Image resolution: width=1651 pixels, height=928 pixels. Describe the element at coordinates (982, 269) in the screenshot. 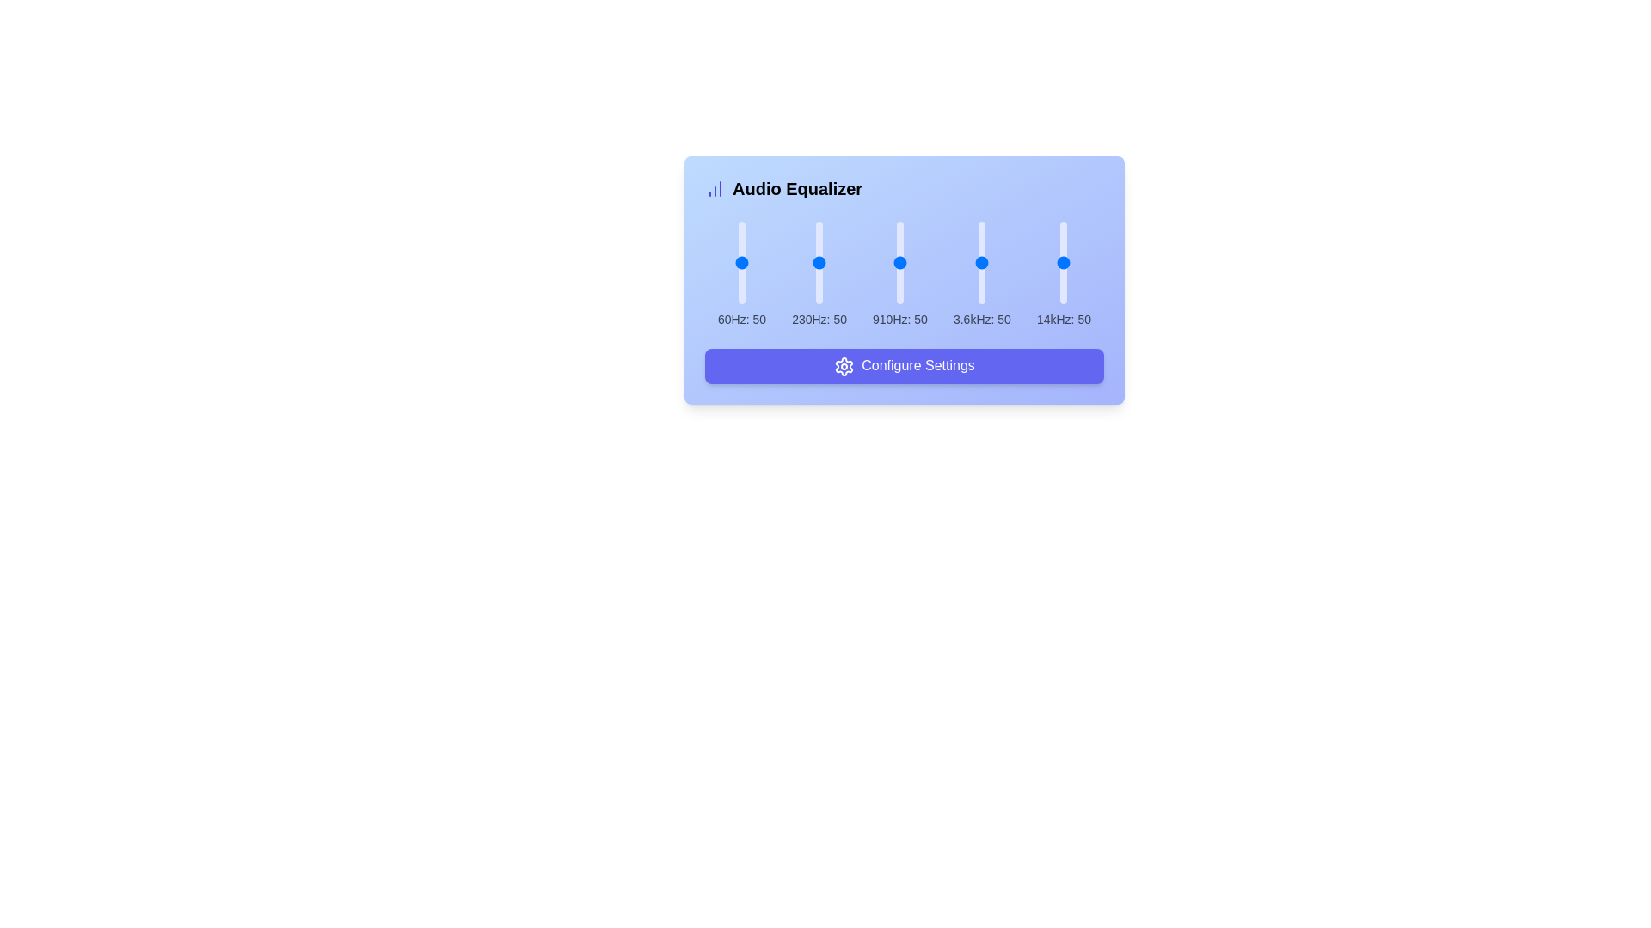

I see `the 3.6kHz audio equalizer slider` at that location.